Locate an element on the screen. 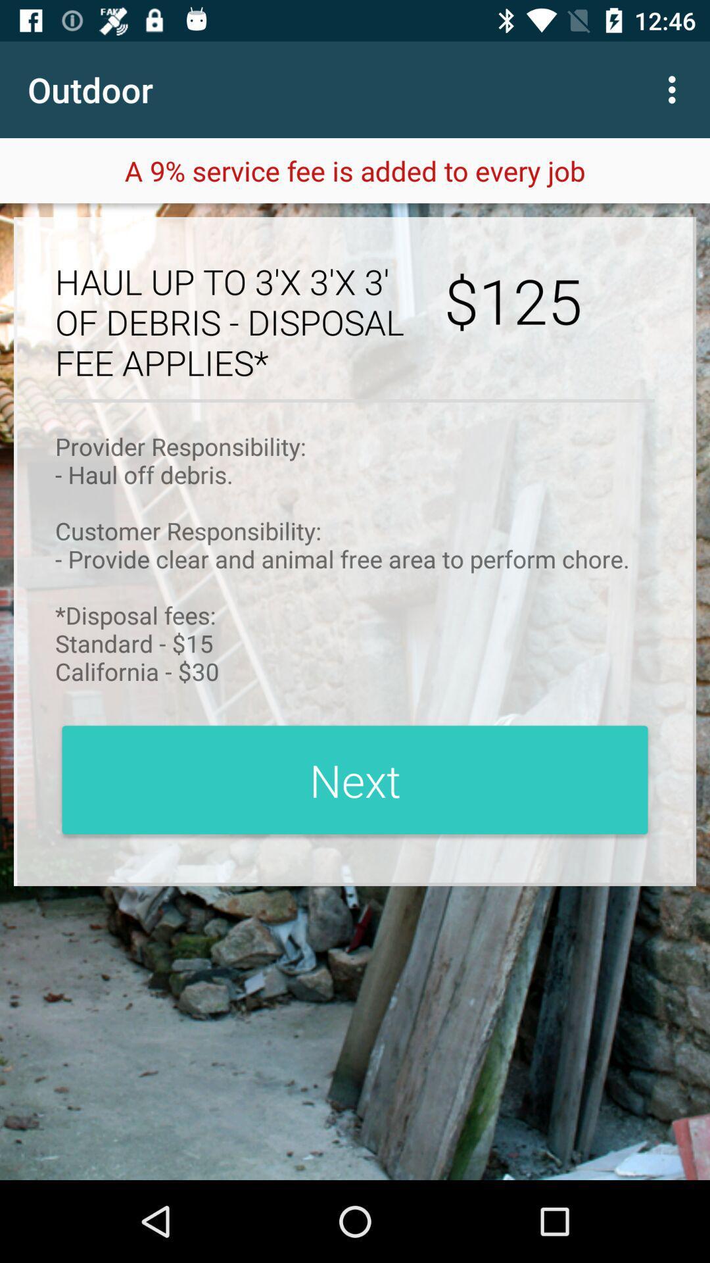  the icon below the provider responsibility  item is located at coordinates (355, 780).